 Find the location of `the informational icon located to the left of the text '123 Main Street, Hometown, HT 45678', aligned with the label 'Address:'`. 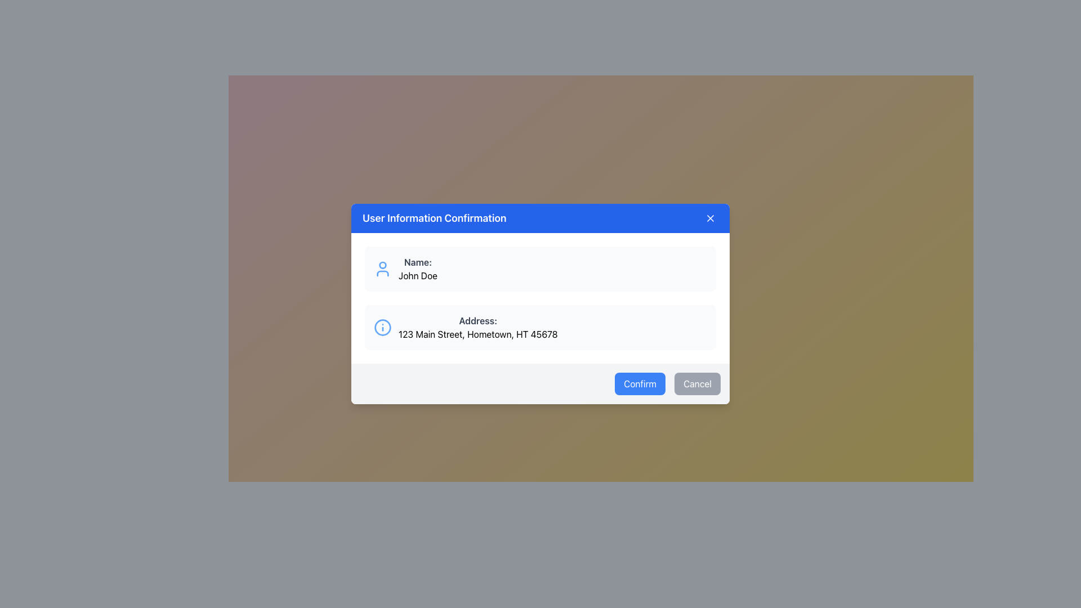

the informational icon located to the left of the text '123 Main Street, Hometown, HT 45678', aligned with the label 'Address:' is located at coordinates (383, 328).